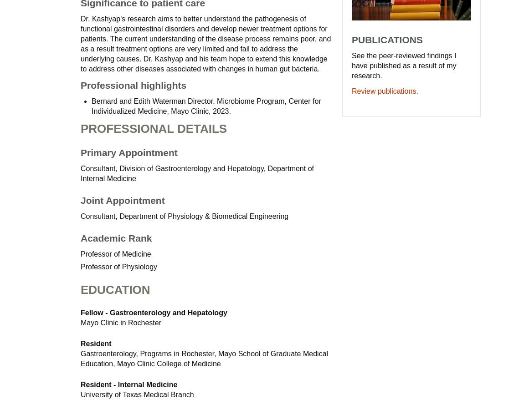 The image size is (524, 404). Describe the element at coordinates (386, 39) in the screenshot. I see `'Publications'` at that location.